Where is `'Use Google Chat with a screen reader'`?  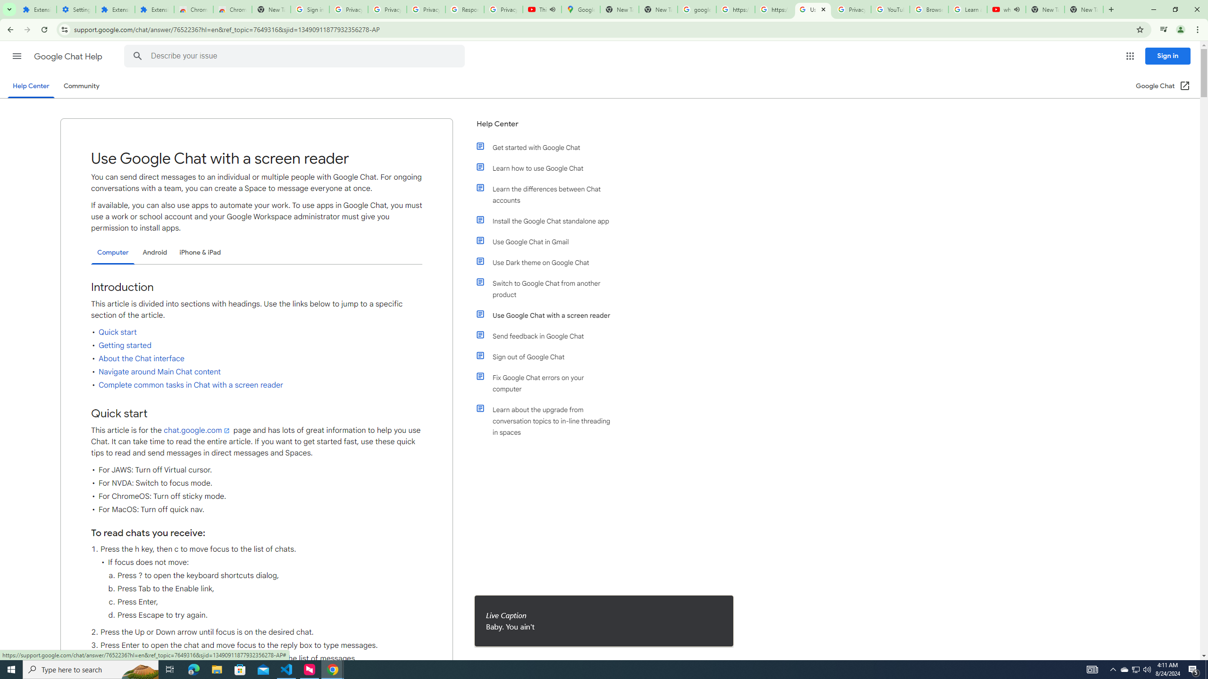
'Use Google Chat with a screen reader' is located at coordinates (548, 315).